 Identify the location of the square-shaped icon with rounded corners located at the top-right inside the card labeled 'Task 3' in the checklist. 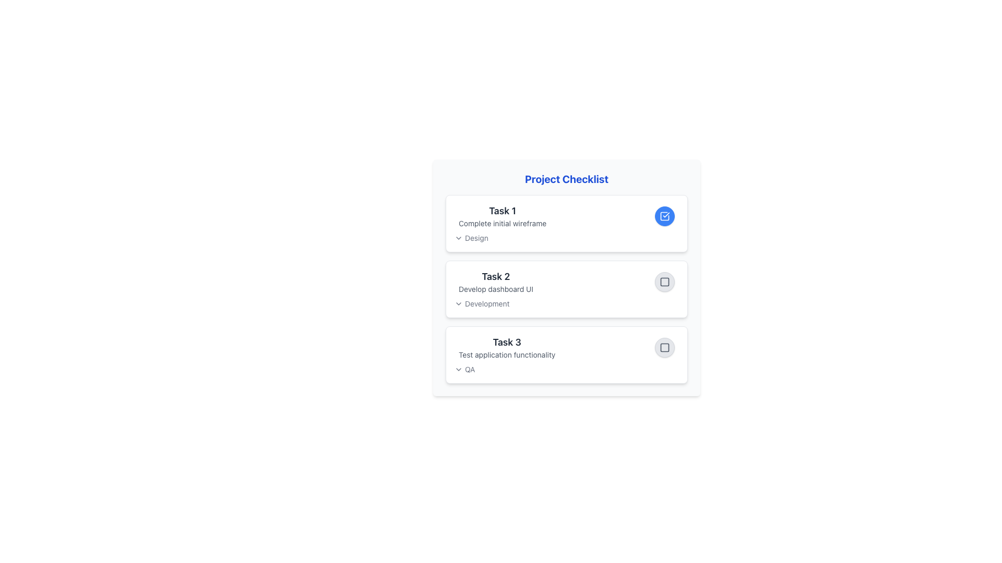
(664, 348).